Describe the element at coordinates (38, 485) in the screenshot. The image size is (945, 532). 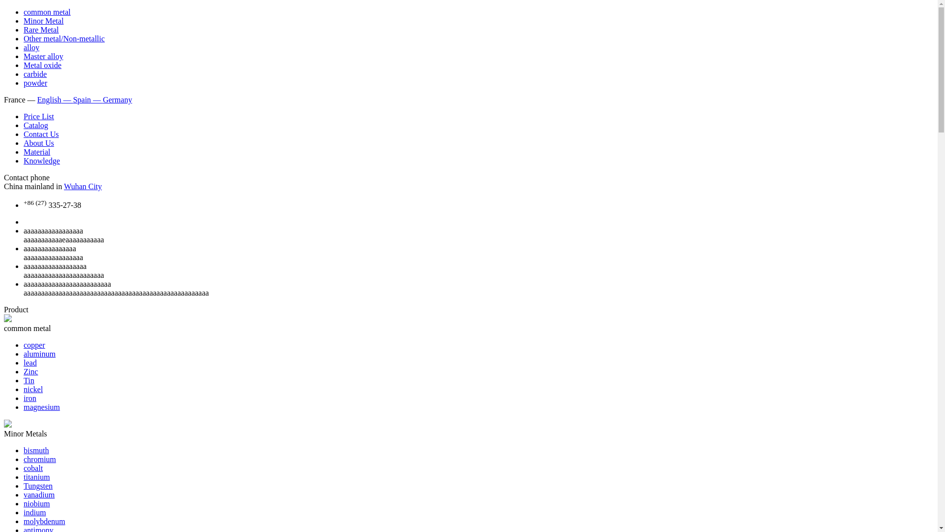
I see `'Tungsten'` at that location.